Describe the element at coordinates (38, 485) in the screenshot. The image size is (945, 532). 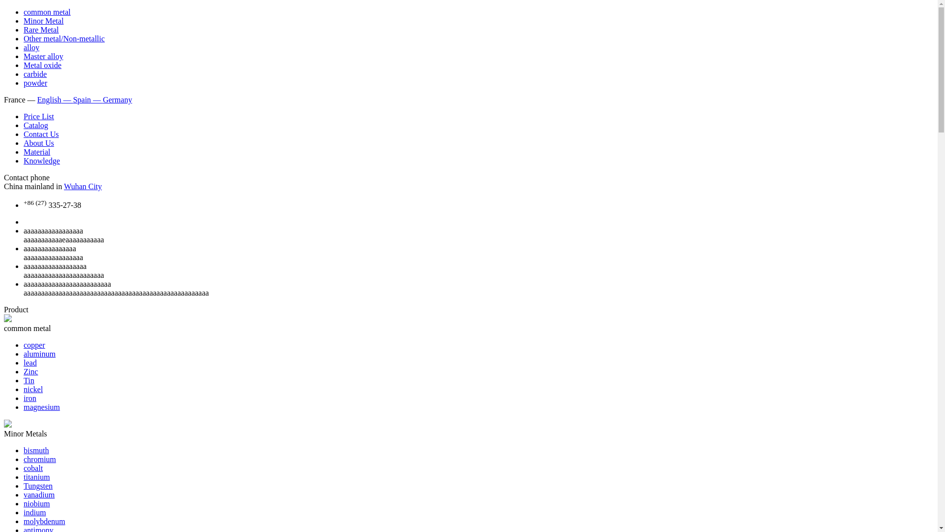
I see `'Tungsten'` at that location.